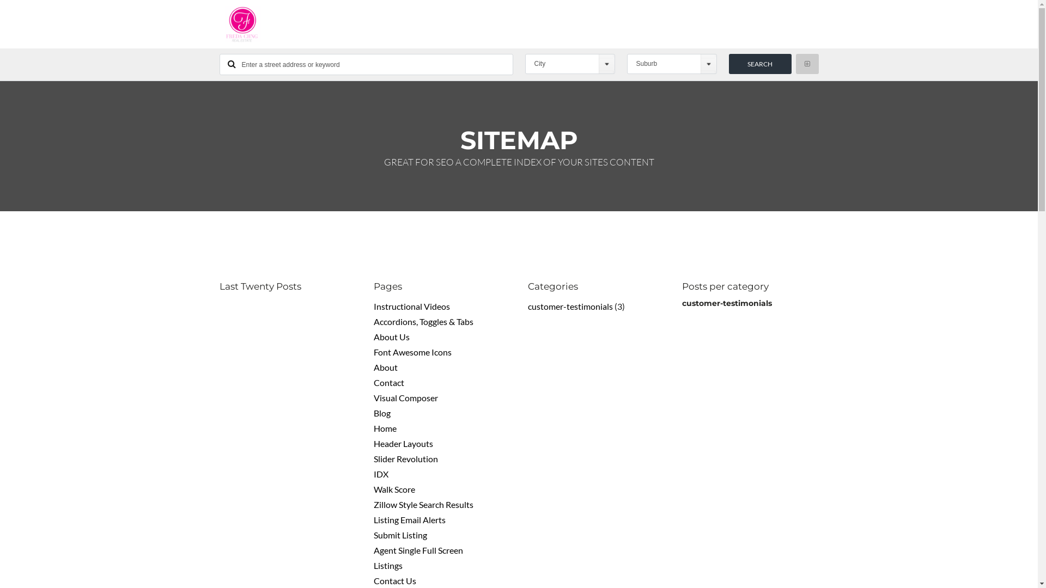 The height and width of the screenshot is (588, 1046). I want to click on 'Blog', so click(374, 413).